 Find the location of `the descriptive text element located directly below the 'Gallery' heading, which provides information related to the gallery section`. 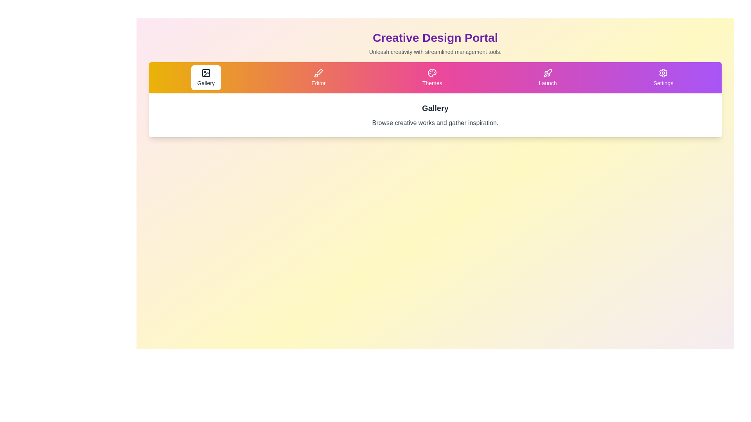

the descriptive text element located directly below the 'Gallery' heading, which provides information related to the gallery section is located at coordinates (435, 123).